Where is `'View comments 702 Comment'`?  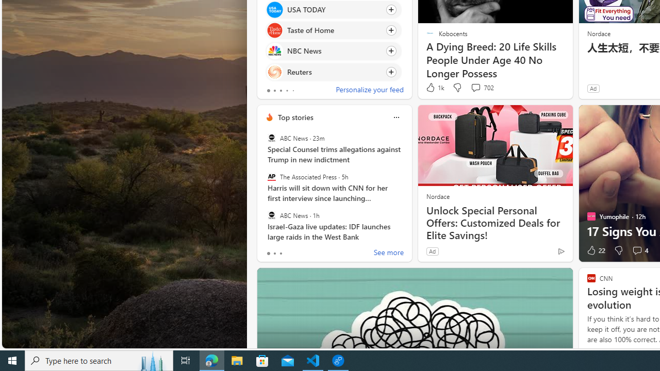
'View comments 702 Comment' is located at coordinates (475, 87).